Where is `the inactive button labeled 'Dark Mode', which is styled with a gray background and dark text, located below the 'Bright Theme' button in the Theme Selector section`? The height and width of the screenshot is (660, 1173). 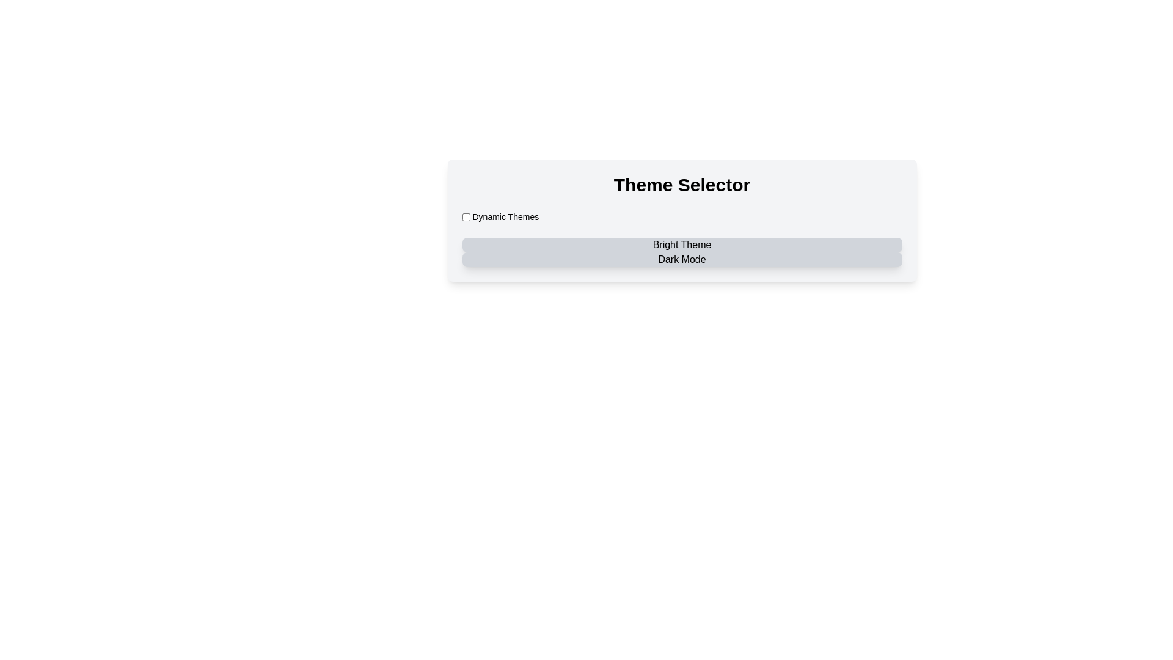 the inactive button labeled 'Dark Mode', which is styled with a gray background and dark text, located below the 'Bright Theme' button in the Theme Selector section is located at coordinates (681, 258).